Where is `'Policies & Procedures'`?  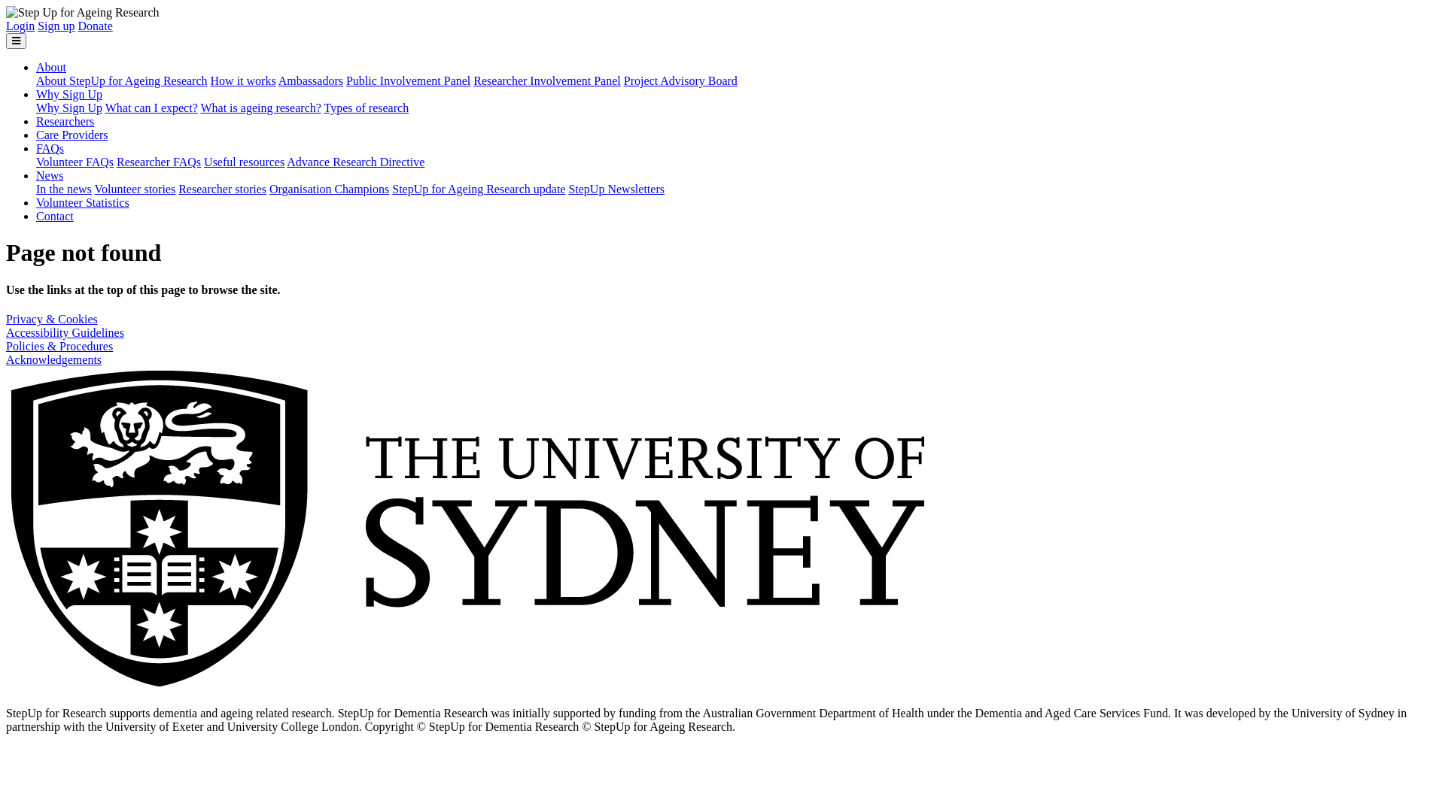 'Policies & Procedures' is located at coordinates (59, 346).